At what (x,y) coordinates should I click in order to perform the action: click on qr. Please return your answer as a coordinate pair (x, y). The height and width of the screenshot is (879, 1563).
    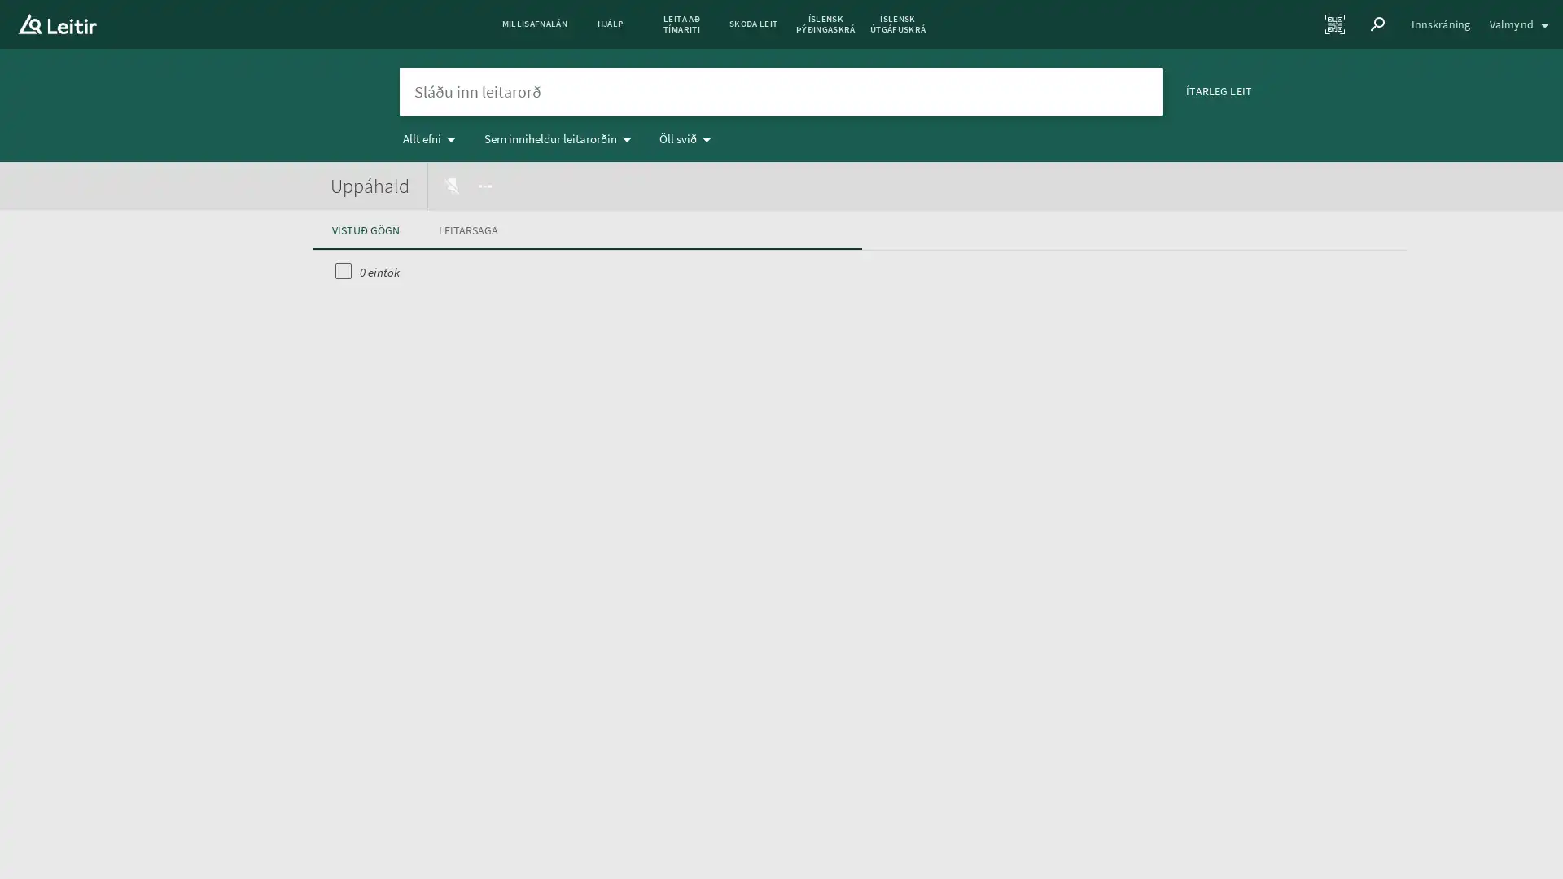
    Looking at the image, I should click on (1335, 24).